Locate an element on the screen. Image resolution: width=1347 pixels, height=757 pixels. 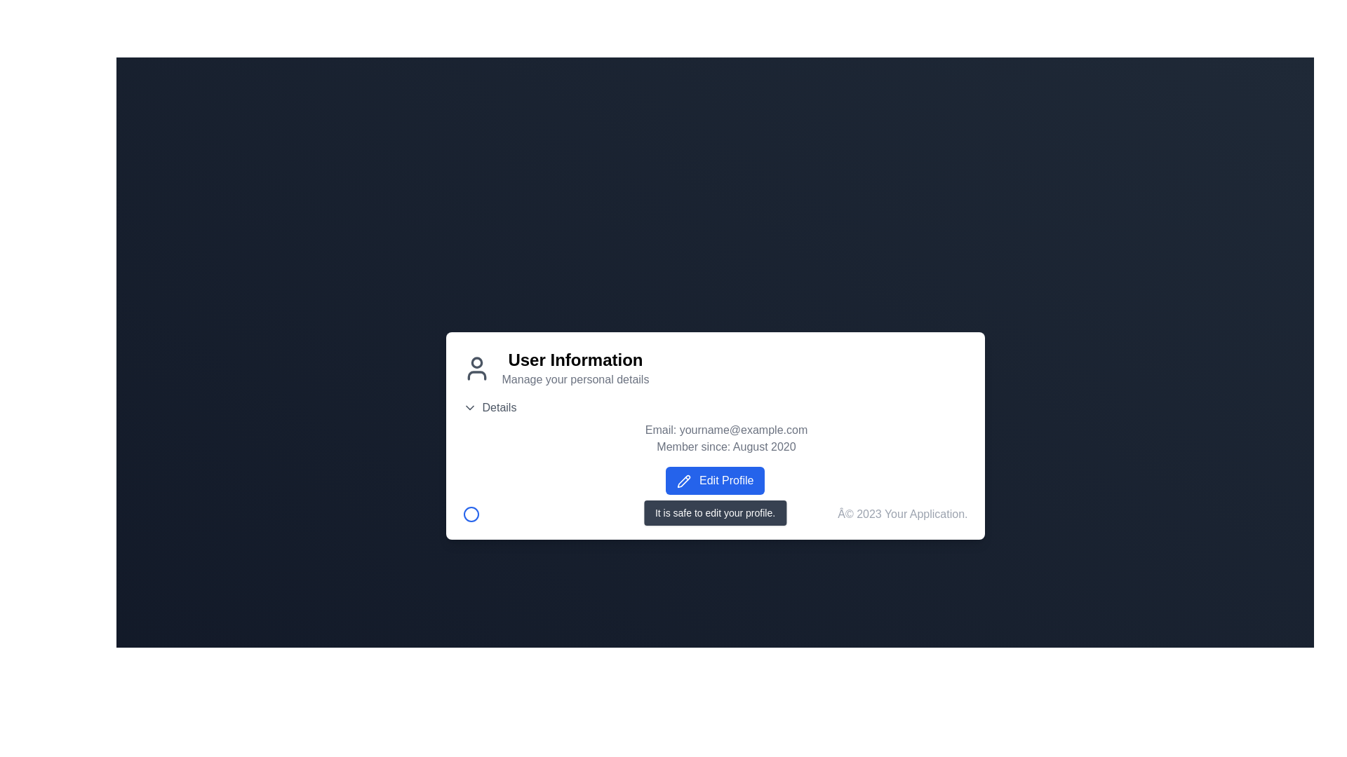
the informational tooltip or message box that provides contextual information about the safety of editing the profile, located directly below the 'Edit Profile' button is located at coordinates (715, 513).